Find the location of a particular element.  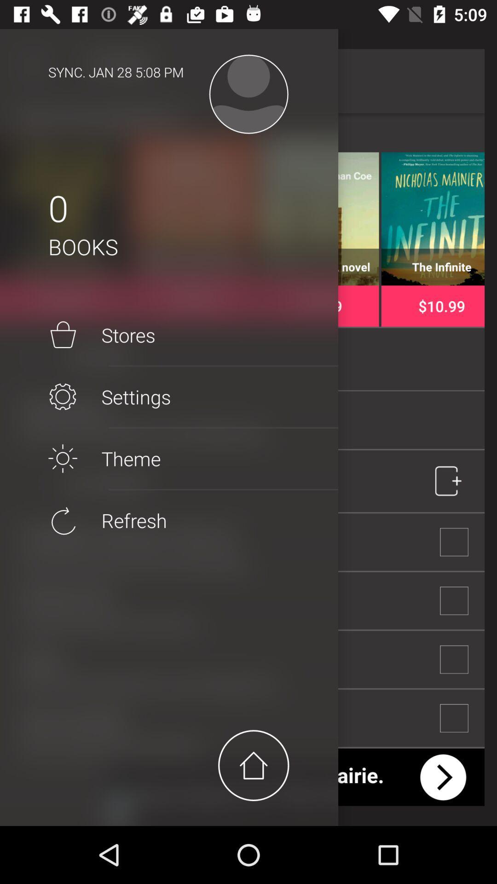

the home symbol icon is located at coordinates (254, 765).